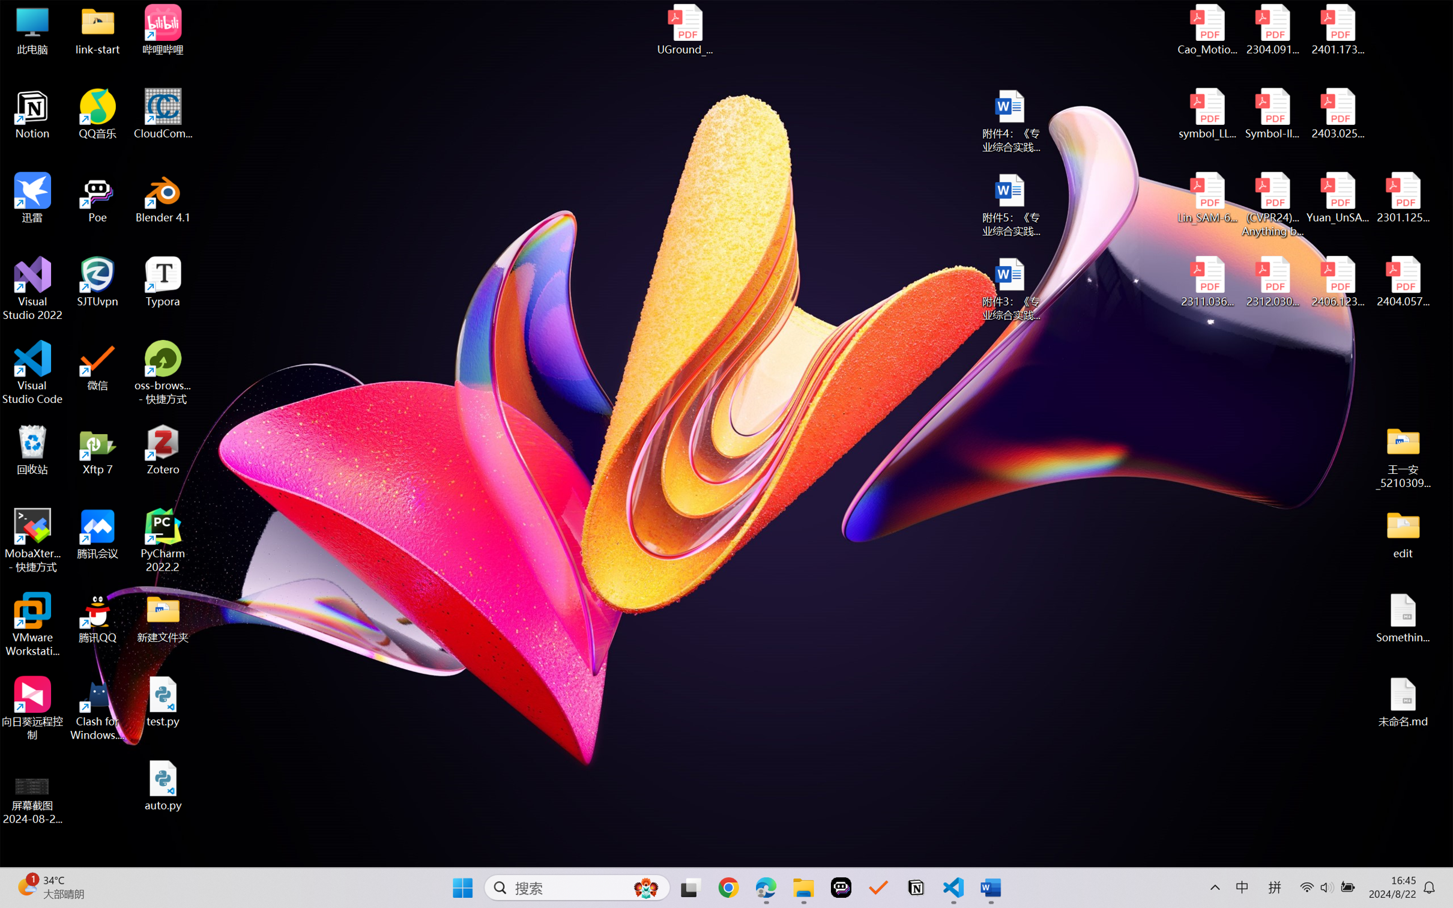 The image size is (1453, 908). What do you see at coordinates (163, 282) in the screenshot?
I see `'Typora'` at bounding box center [163, 282].